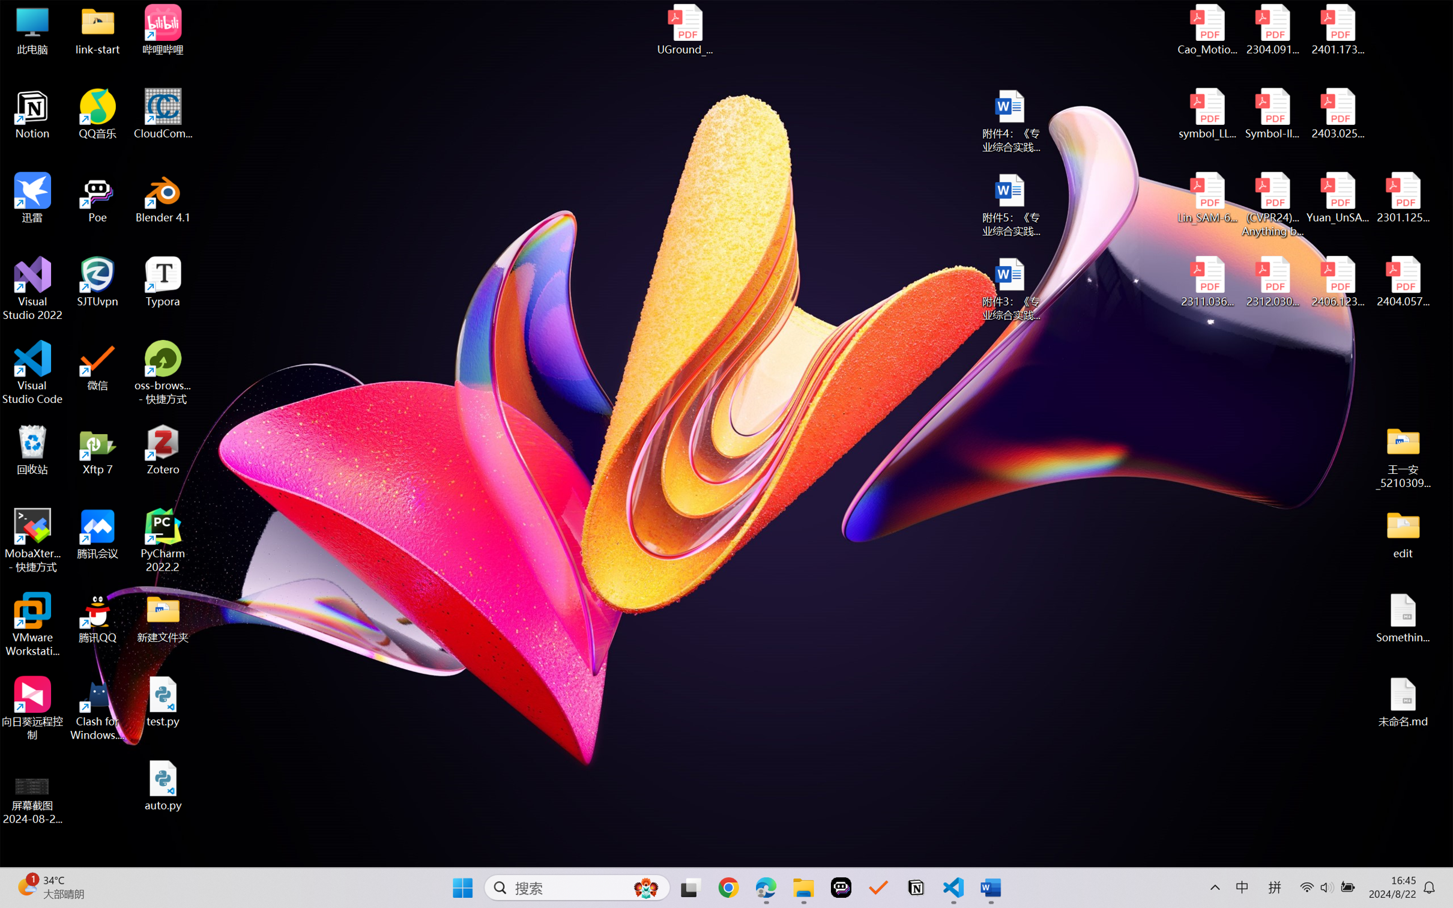 The image size is (1453, 908). What do you see at coordinates (163, 282) in the screenshot?
I see `'Typora'` at bounding box center [163, 282].